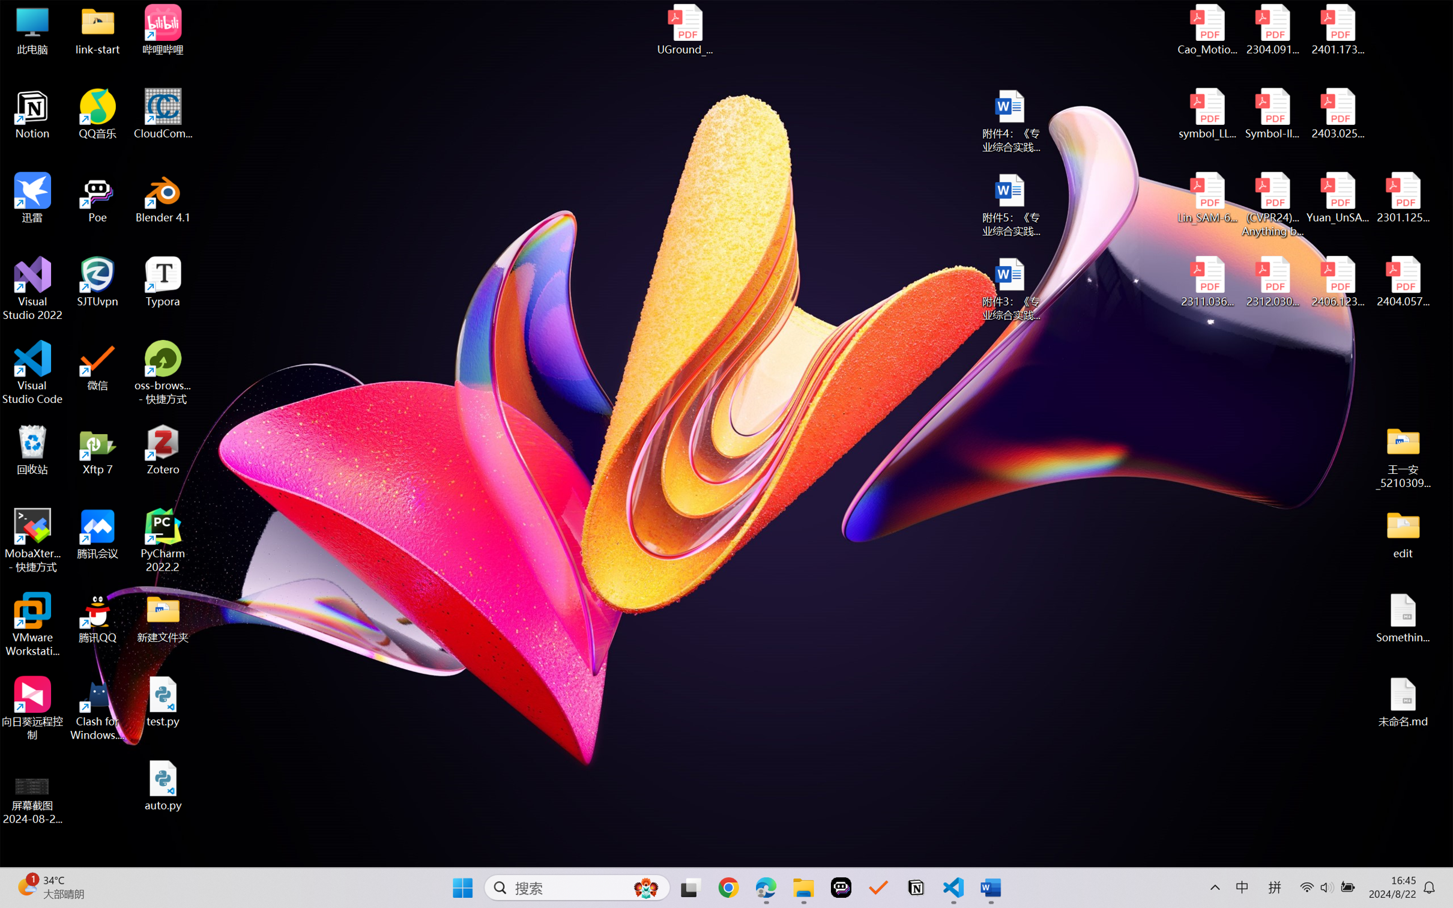 The image size is (1453, 908). What do you see at coordinates (163, 282) in the screenshot?
I see `'Typora'` at bounding box center [163, 282].